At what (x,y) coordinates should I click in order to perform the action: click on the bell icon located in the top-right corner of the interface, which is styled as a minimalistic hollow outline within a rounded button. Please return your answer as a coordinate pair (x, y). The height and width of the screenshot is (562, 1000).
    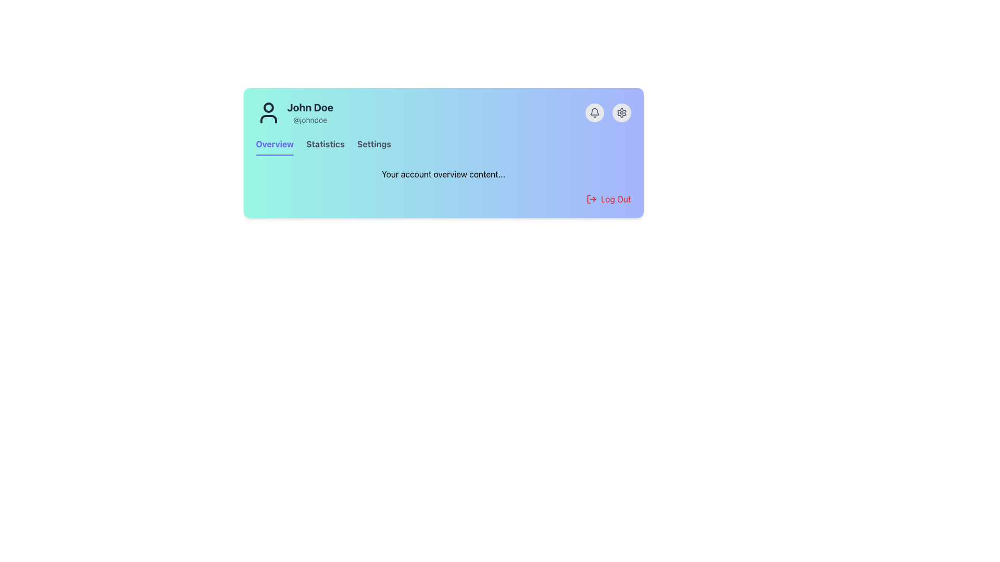
    Looking at the image, I should click on (594, 111).